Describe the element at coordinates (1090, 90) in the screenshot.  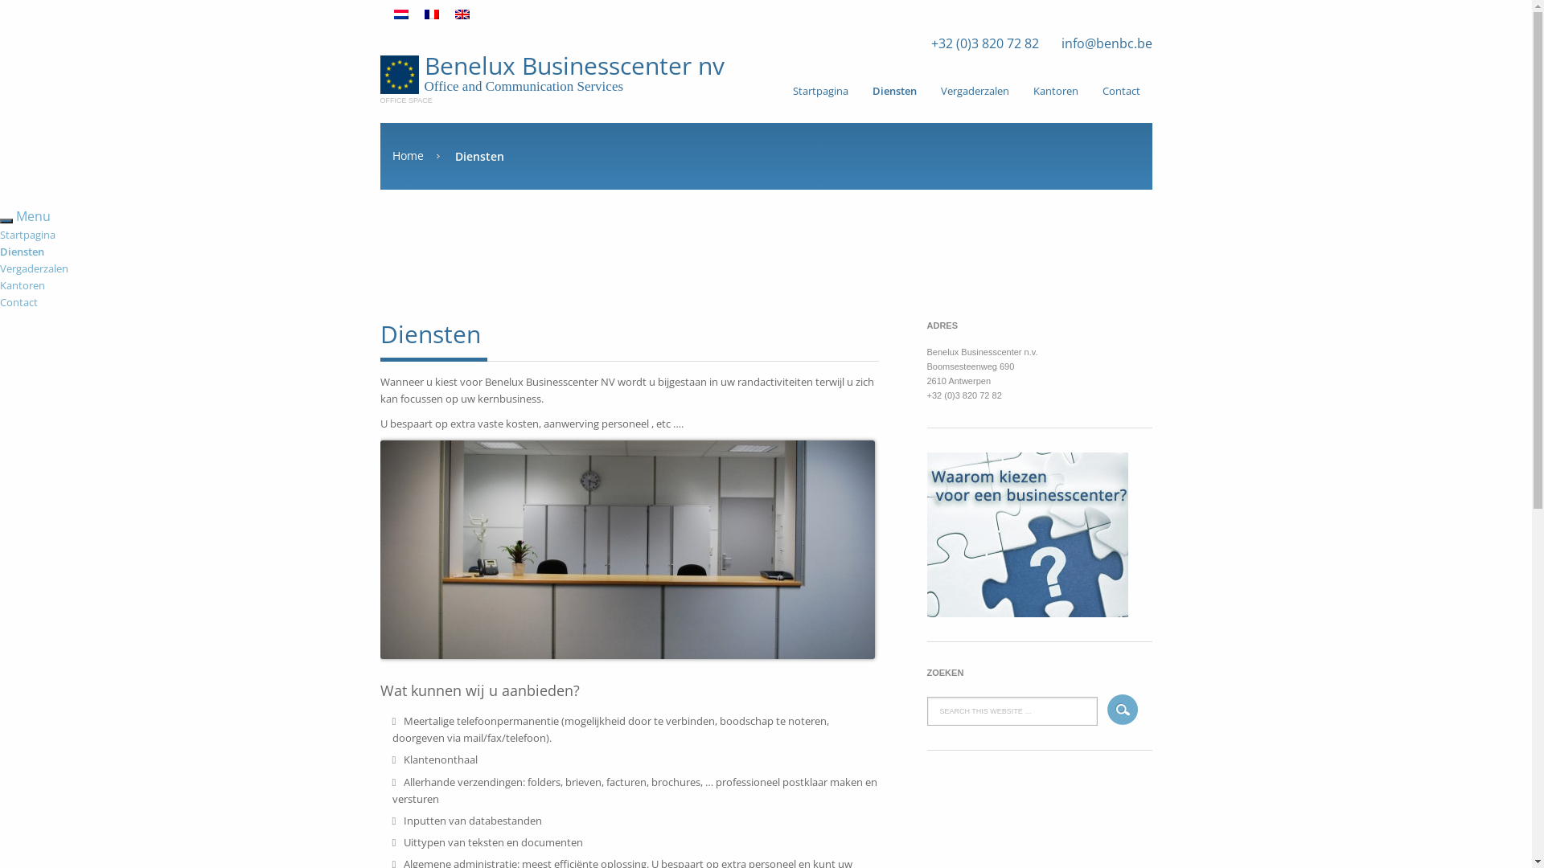
I see `'Contact'` at that location.